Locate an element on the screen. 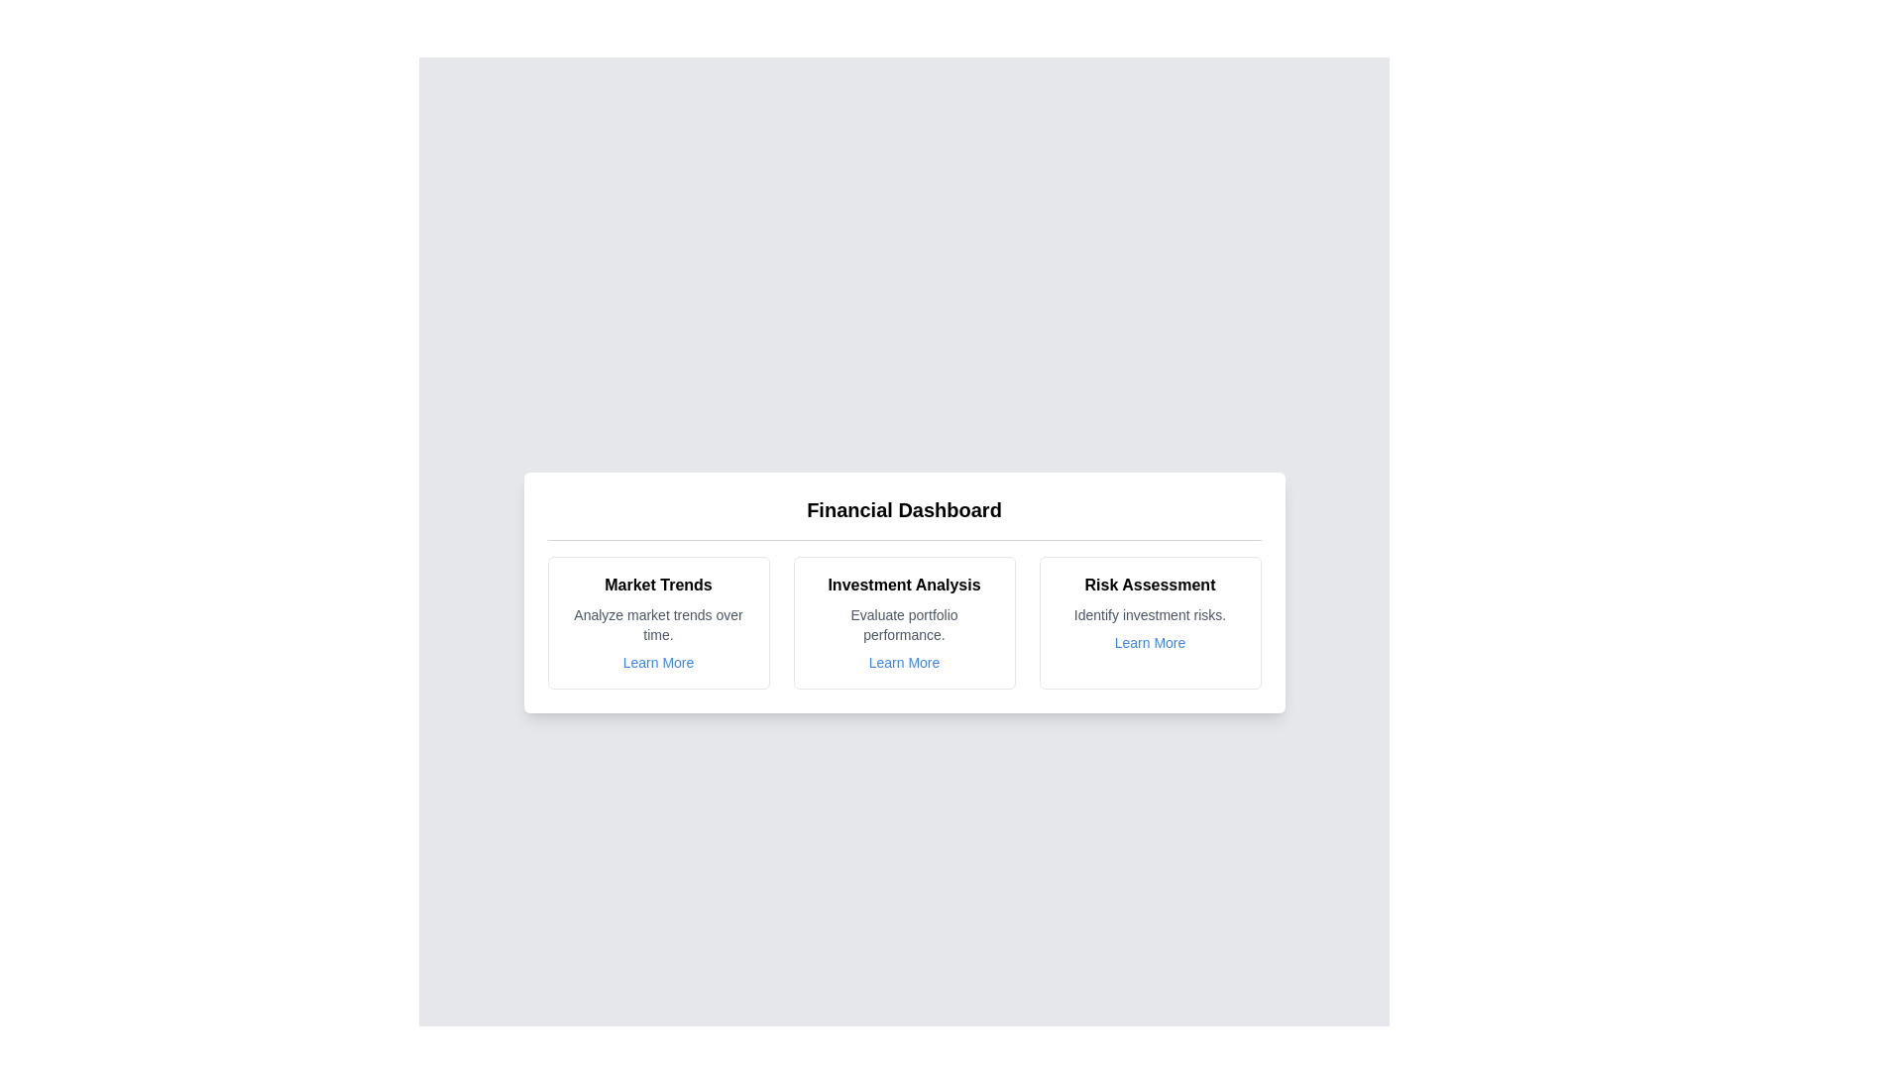  the 'Learn More' link for the Investment Analysis chart card is located at coordinates (903, 662).